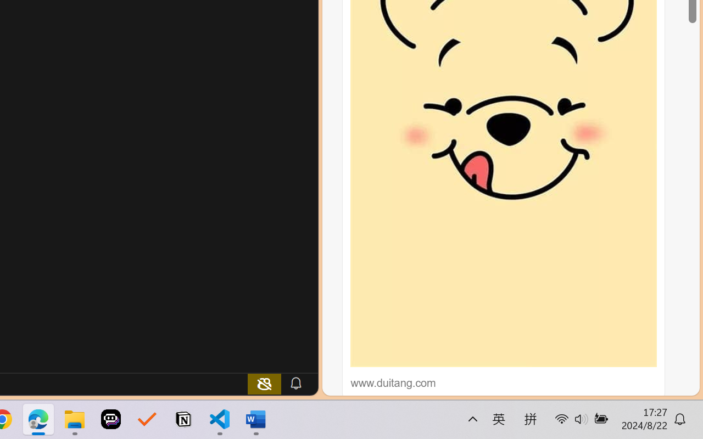 Image resolution: width=703 pixels, height=439 pixels. I want to click on 'Notifications', so click(295, 383).